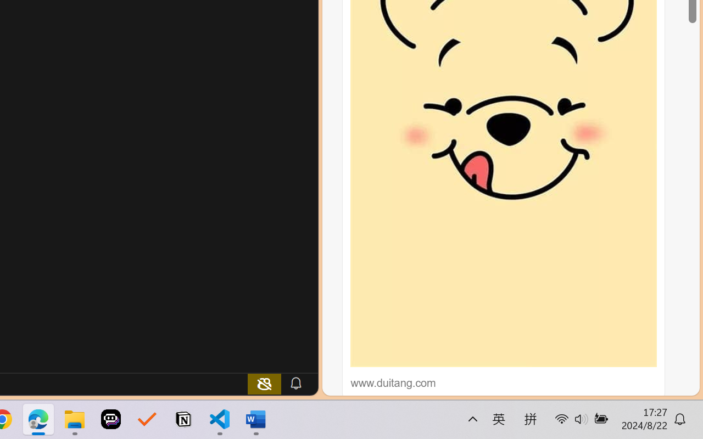 Image resolution: width=703 pixels, height=439 pixels. I want to click on 'Notifications', so click(295, 383).